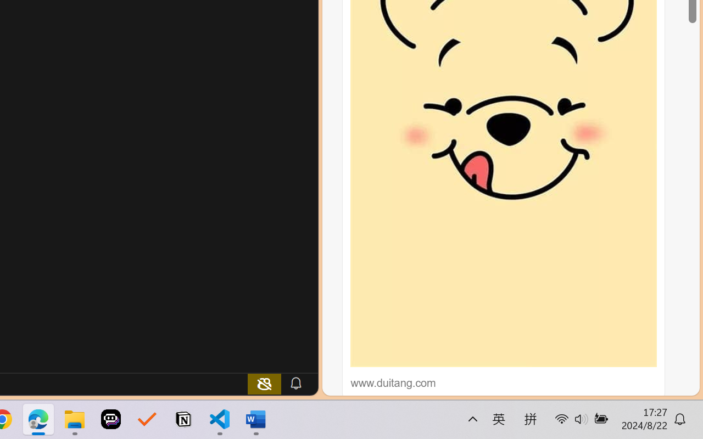 Image resolution: width=703 pixels, height=439 pixels. I want to click on 'Notifications', so click(295, 383).